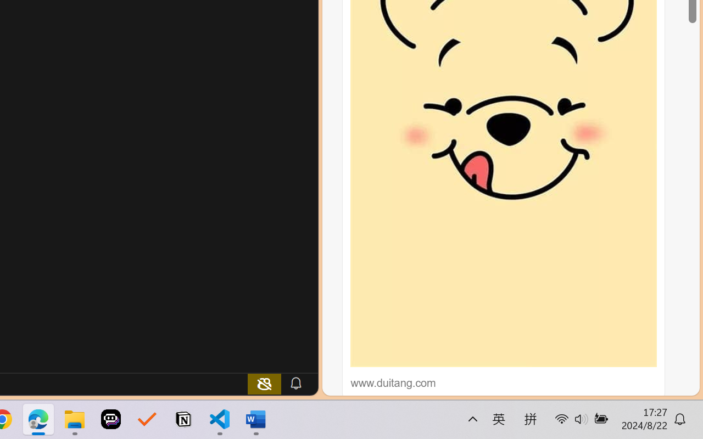 Image resolution: width=703 pixels, height=439 pixels. I want to click on 'Notifications', so click(295, 383).